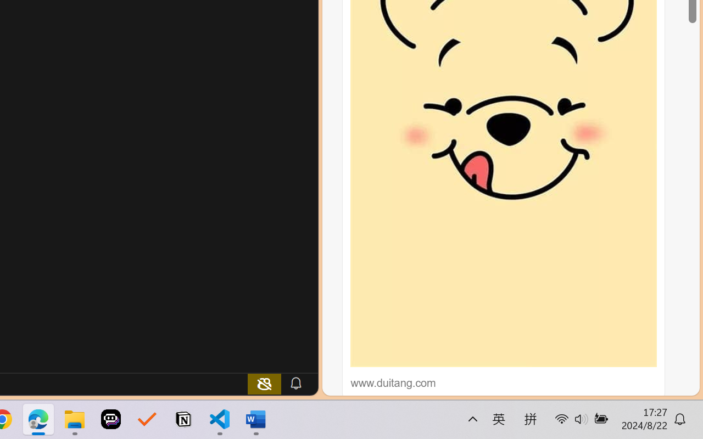 Image resolution: width=703 pixels, height=439 pixels. I want to click on 'Notifications', so click(295, 383).